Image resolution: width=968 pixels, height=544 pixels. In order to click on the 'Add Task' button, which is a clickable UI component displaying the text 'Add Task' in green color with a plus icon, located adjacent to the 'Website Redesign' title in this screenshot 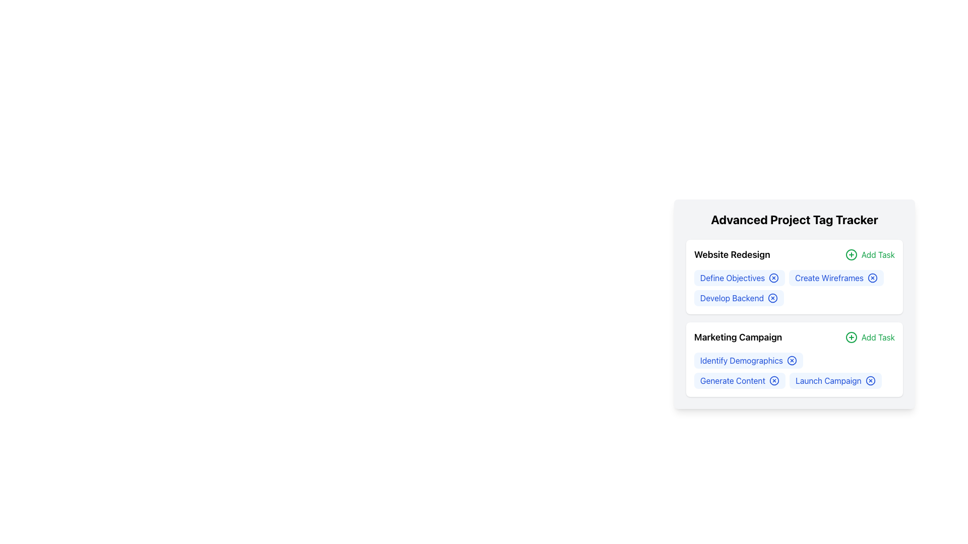, I will do `click(869, 254)`.